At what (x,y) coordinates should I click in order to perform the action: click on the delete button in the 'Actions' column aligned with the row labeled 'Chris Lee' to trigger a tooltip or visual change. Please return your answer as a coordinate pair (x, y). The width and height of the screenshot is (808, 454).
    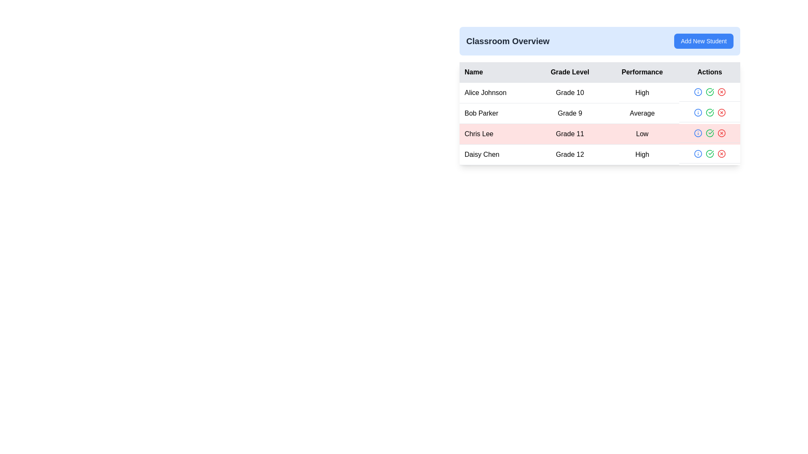
    Looking at the image, I should click on (721, 132).